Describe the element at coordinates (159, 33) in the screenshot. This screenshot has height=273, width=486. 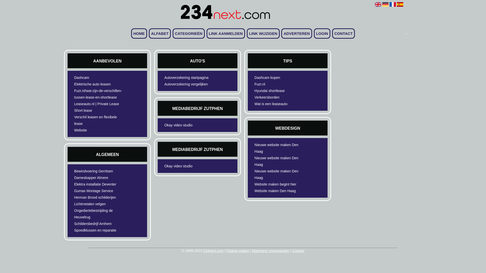
I see `'ALFABET'` at that location.